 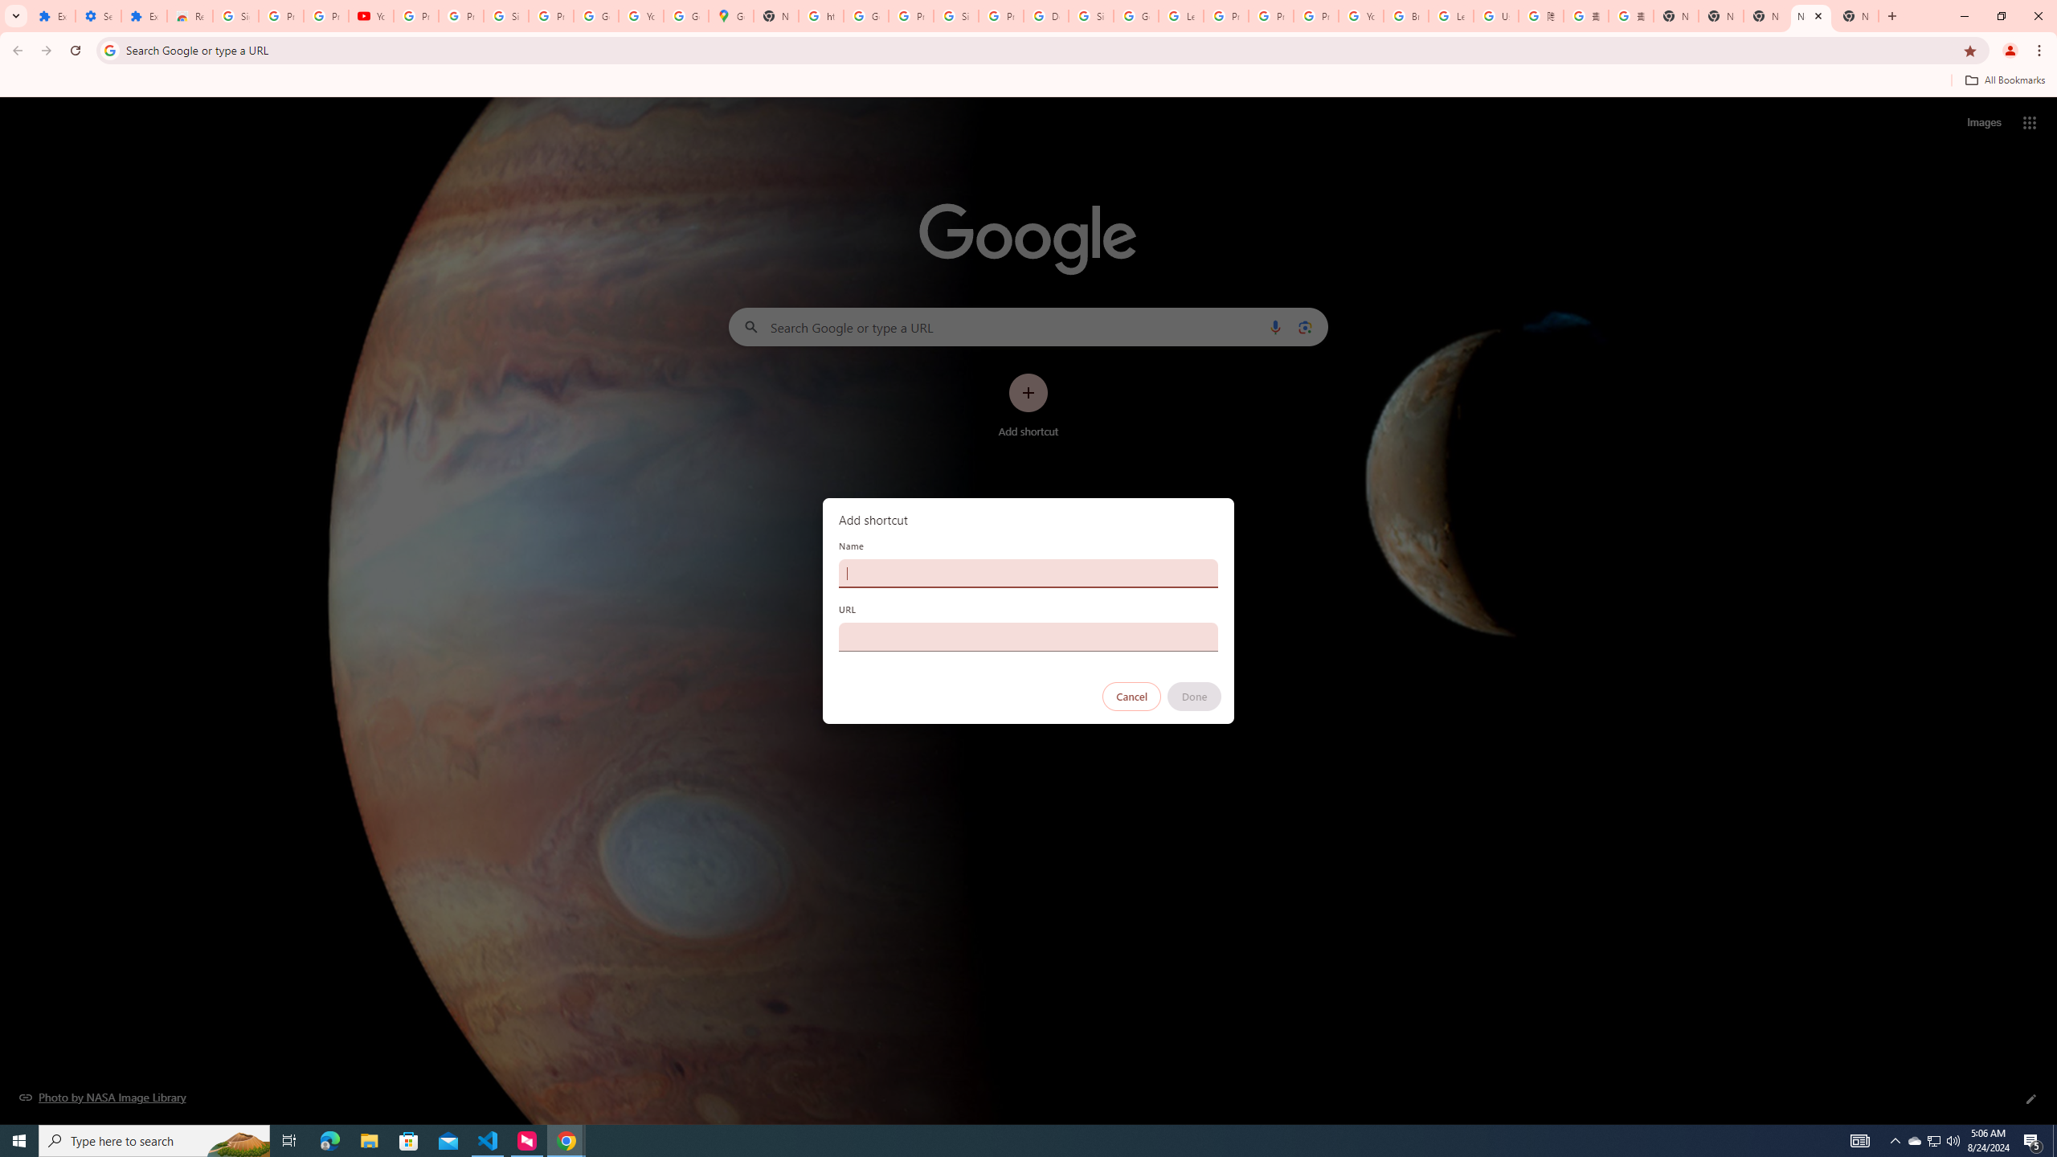 I want to click on 'Cancel', so click(x=1132, y=696).